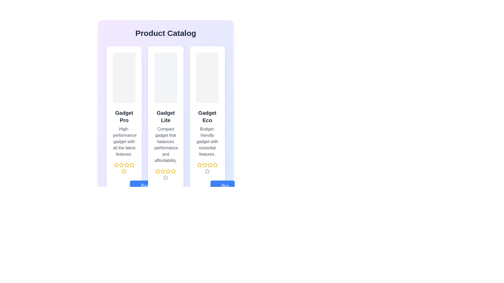  I want to click on the 'Buy Now' button located at the bottom center of the 'Gadget Pro' product card to initiate a purchase, so click(124, 189).